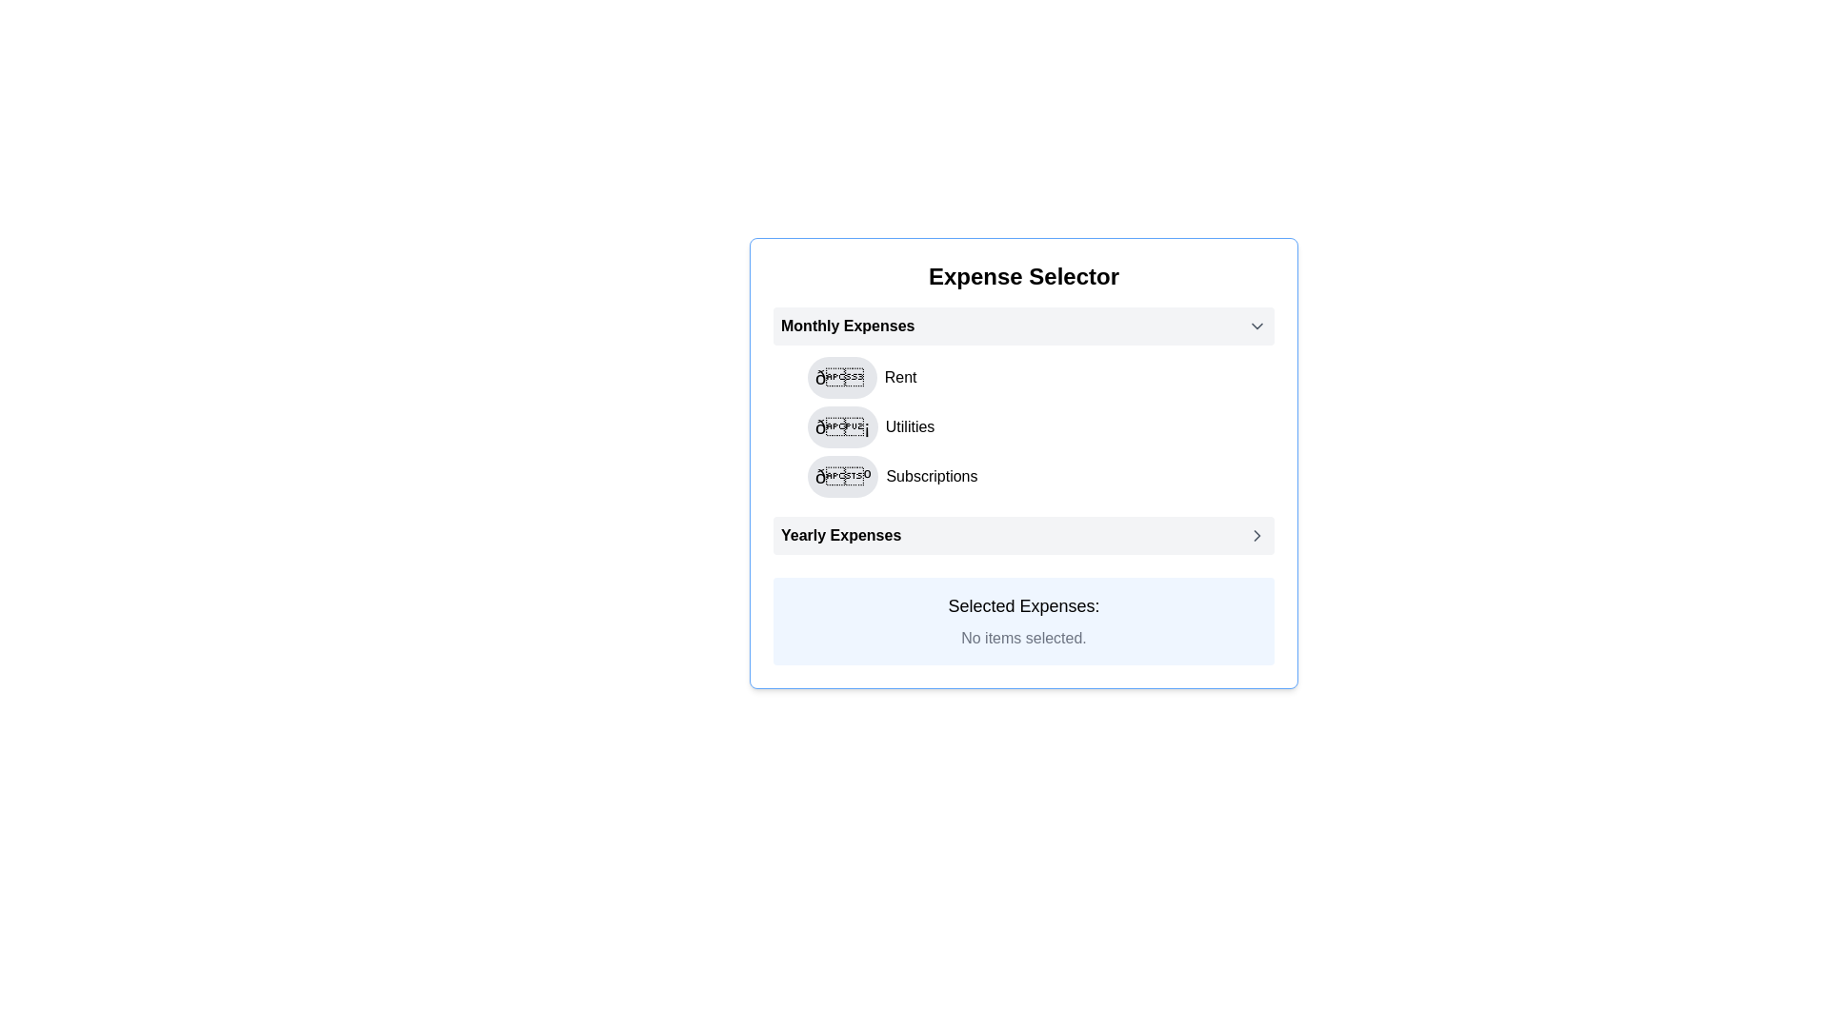 The image size is (1829, 1028). What do you see at coordinates (909, 425) in the screenshot?
I see `the second text label in the 'Monthly Expenses' section, which describes an expense category and is located immediately to the right of a circular icon` at bounding box center [909, 425].